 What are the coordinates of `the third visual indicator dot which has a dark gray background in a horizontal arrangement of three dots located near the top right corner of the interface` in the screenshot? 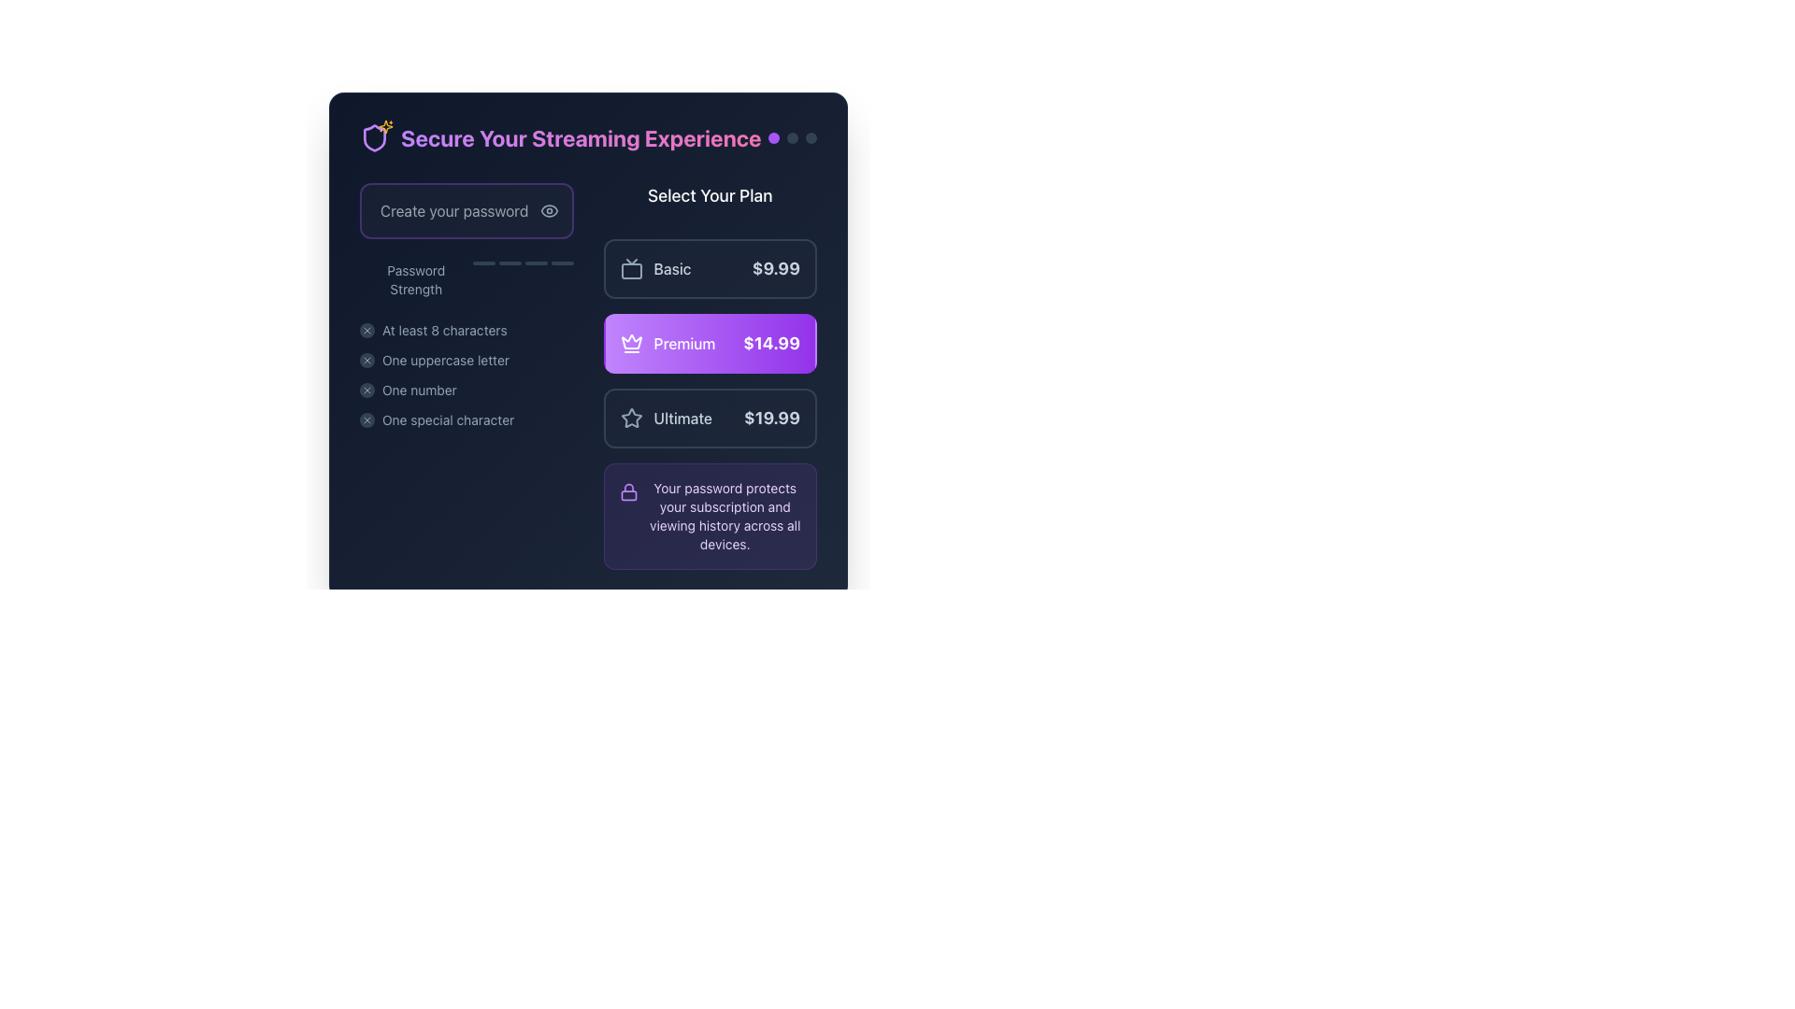 It's located at (811, 136).